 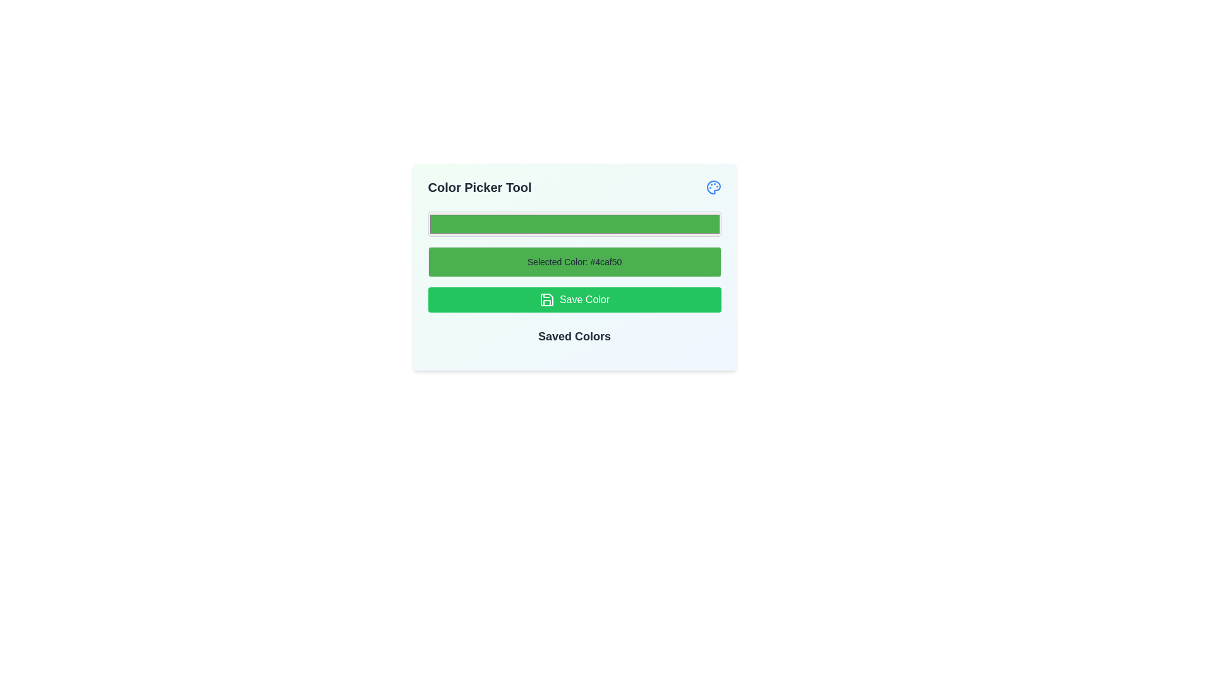 I want to click on the painter's palette icon located in the top-right corner of the interface, adjacent to the 'Color Picker Tool' header, so click(x=713, y=188).